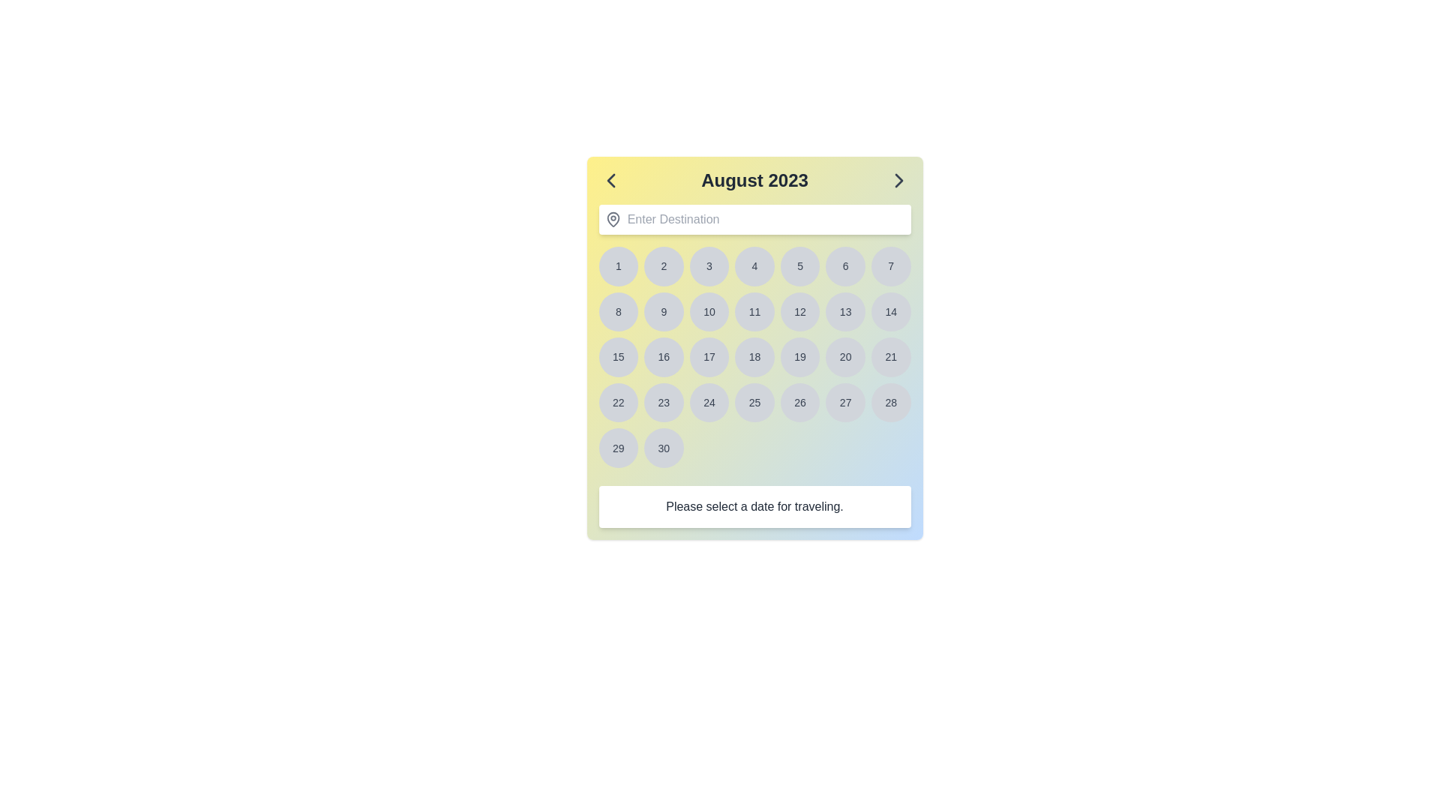 The image size is (1440, 810). What do you see at coordinates (618, 357) in the screenshot?
I see `the circular button representing the calendar date '15' with a light gray background and dark gray text` at bounding box center [618, 357].